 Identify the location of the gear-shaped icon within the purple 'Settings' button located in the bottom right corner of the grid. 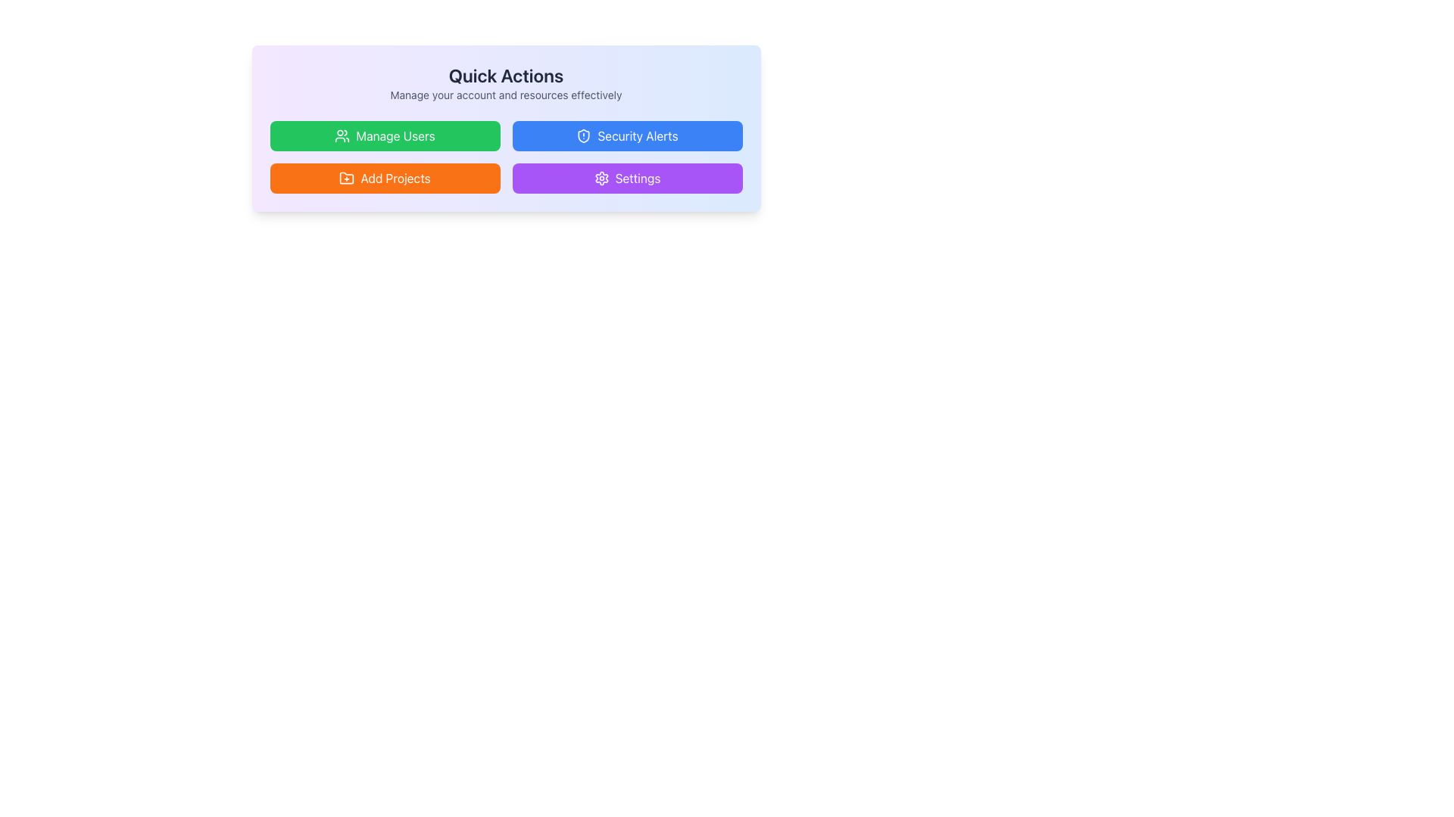
(601, 177).